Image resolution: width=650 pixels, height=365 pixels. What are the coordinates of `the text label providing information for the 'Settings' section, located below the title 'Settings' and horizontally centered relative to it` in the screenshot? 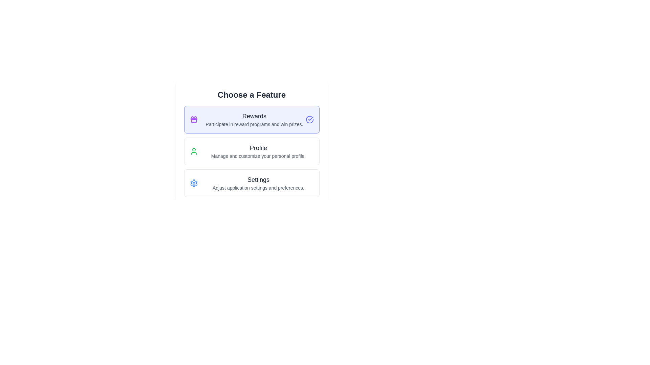 It's located at (258, 188).